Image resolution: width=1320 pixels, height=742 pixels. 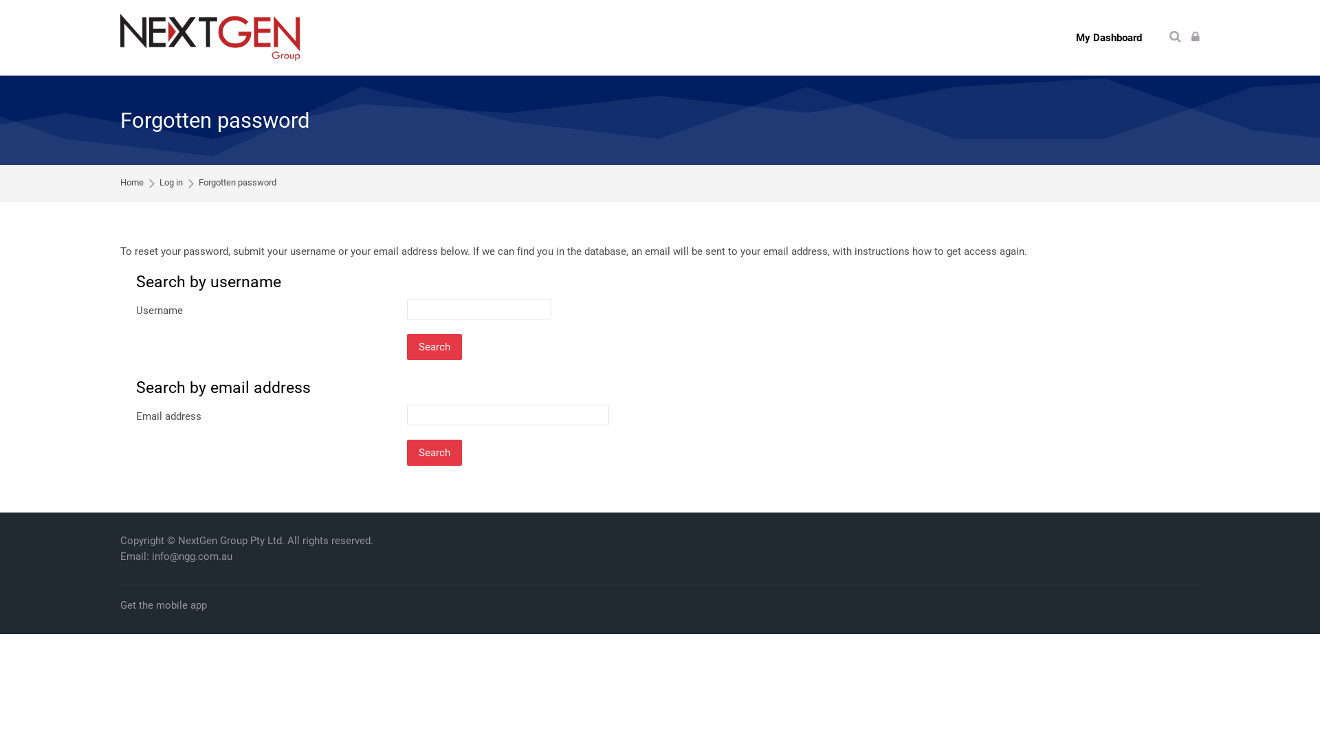 I want to click on 'Search', so click(x=1174, y=36).